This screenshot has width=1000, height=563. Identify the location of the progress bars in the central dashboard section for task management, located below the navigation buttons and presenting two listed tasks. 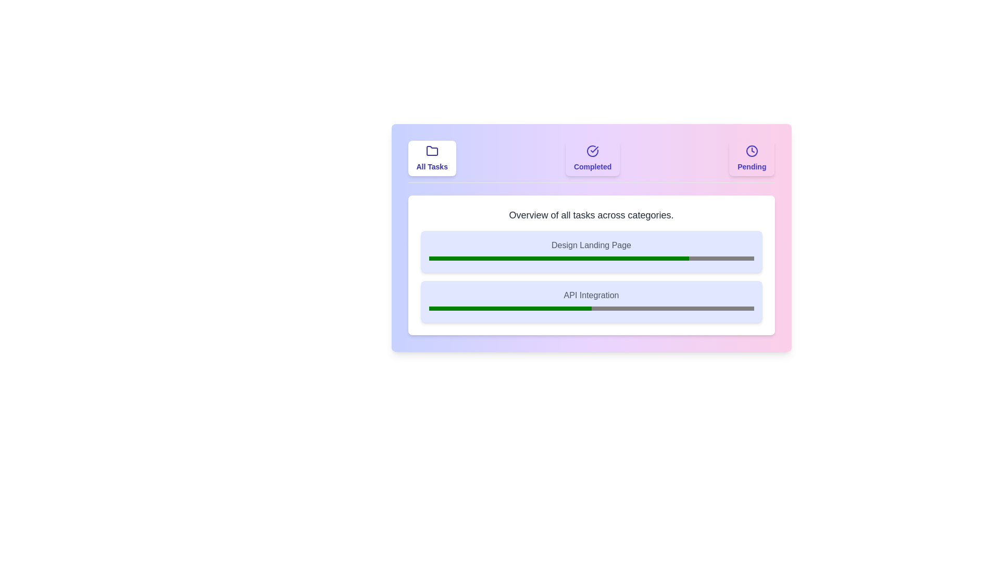
(591, 238).